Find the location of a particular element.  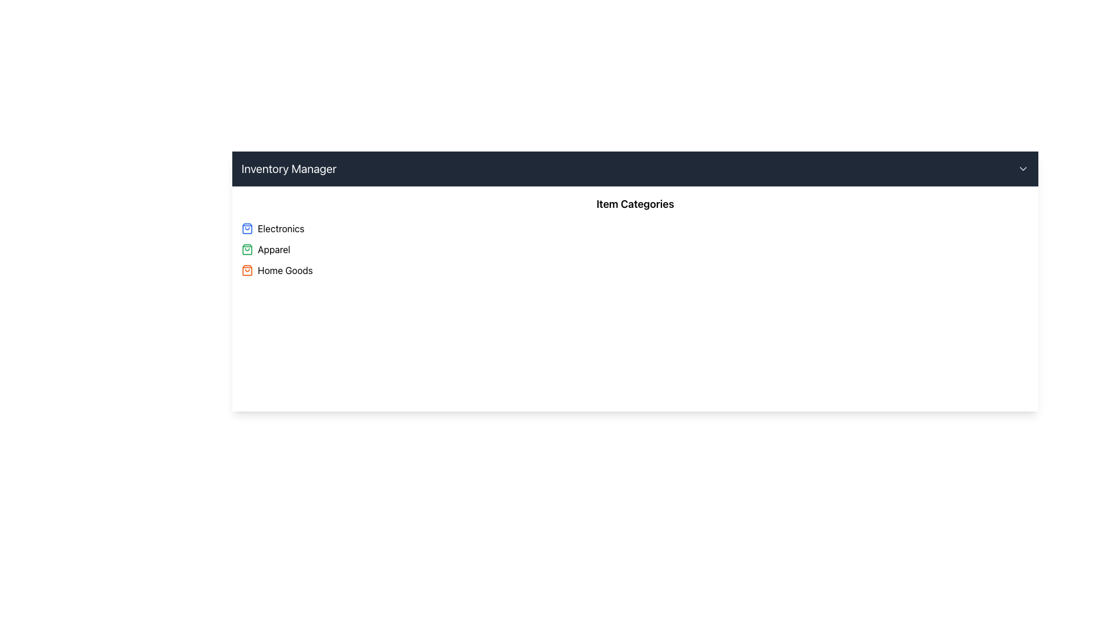

the 'Home Goods' text label is located at coordinates (285, 271).